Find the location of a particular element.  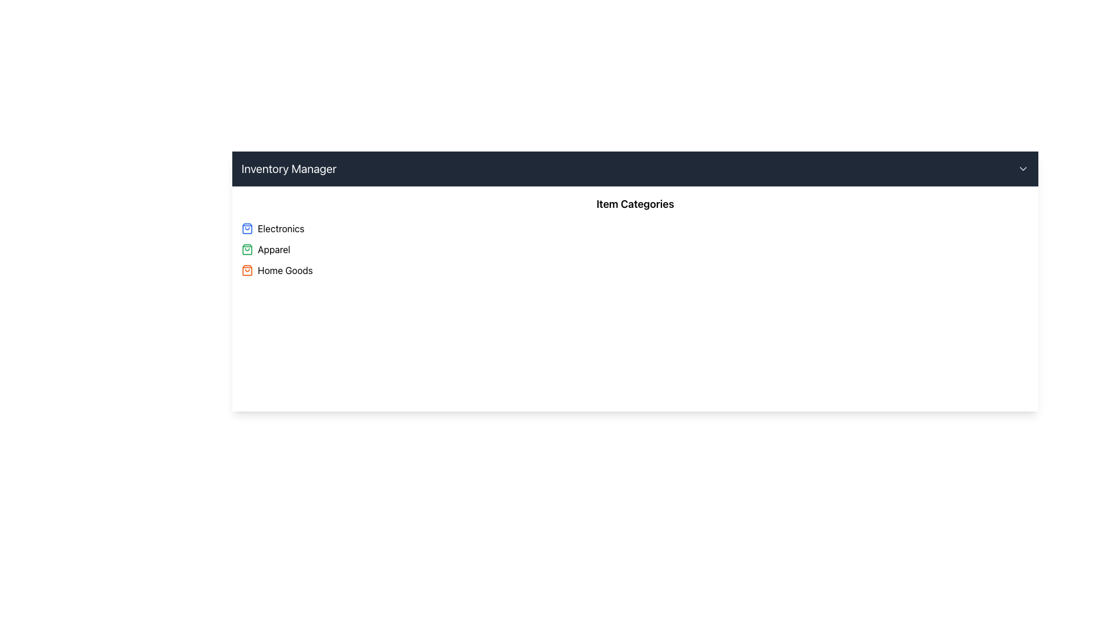

the 'Home Goods' text label is located at coordinates (285, 271).